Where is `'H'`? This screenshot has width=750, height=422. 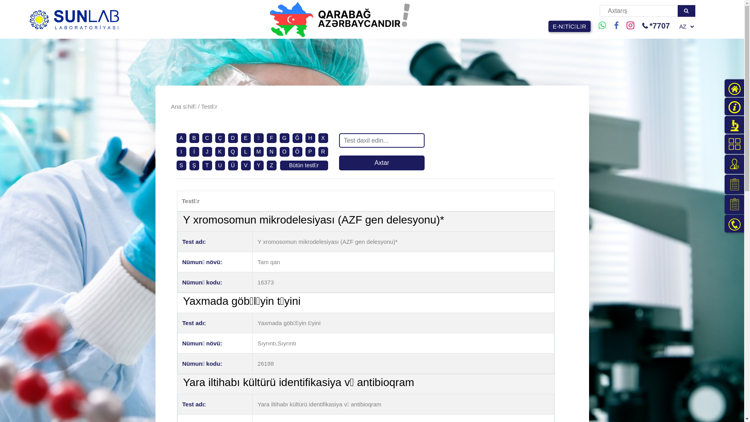
'H' is located at coordinates (307, 138).